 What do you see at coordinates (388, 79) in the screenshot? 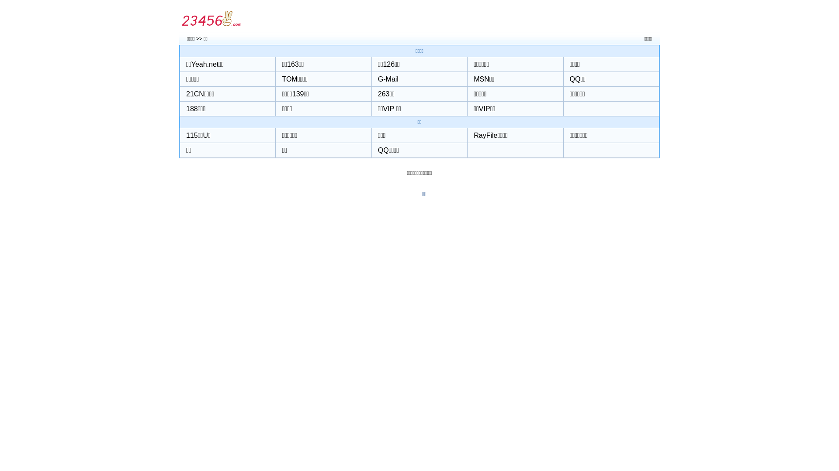
I see `'G-Mail'` at bounding box center [388, 79].